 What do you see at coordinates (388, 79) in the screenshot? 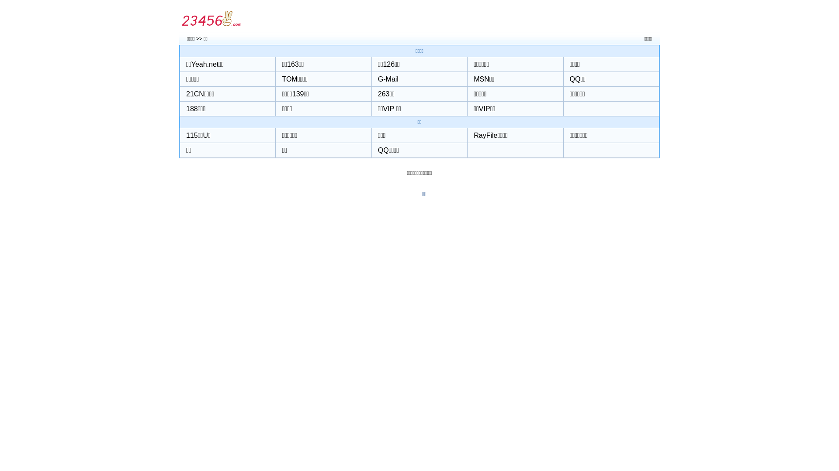
I see `'G-Mail'` at bounding box center [388, 79].